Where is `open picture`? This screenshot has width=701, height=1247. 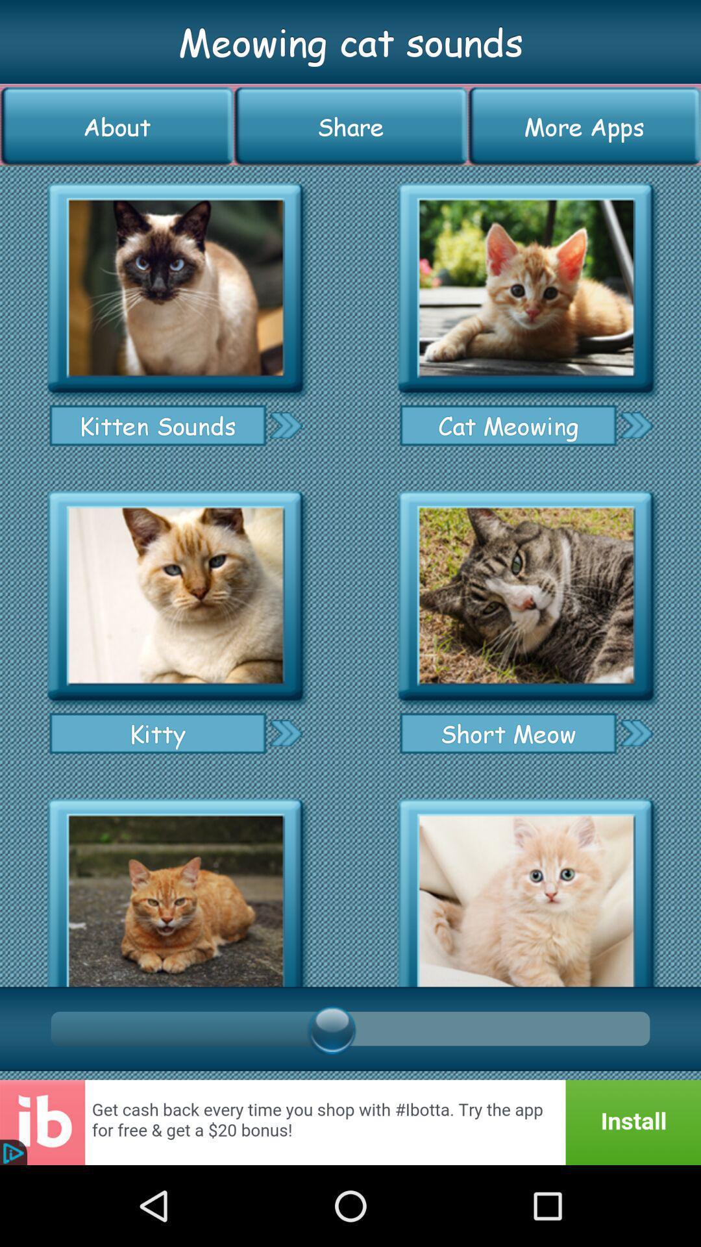 open picture is located at coordinates (175, 596).